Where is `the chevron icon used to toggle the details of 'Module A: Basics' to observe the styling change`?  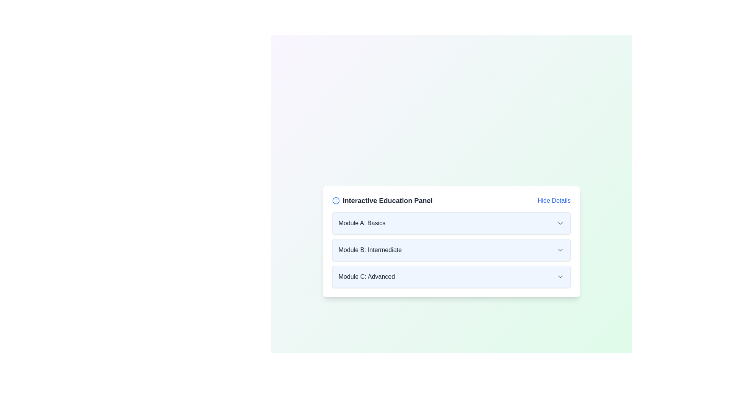 the chevron icon used to toggle the details of 'Module A: Basics' to observe the styling change is located at coordinates (560, 223).